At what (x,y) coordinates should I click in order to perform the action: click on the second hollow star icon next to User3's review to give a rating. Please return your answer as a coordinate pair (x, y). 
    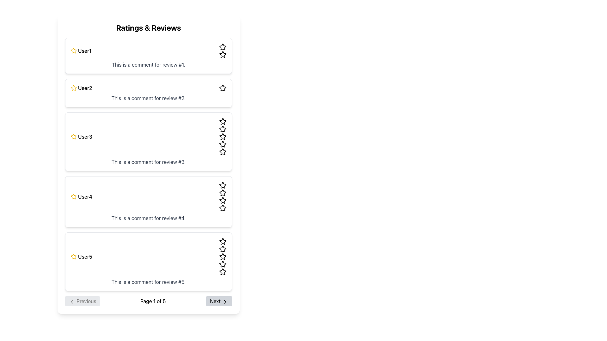
    Looking at the image, I should click on (223, 129).